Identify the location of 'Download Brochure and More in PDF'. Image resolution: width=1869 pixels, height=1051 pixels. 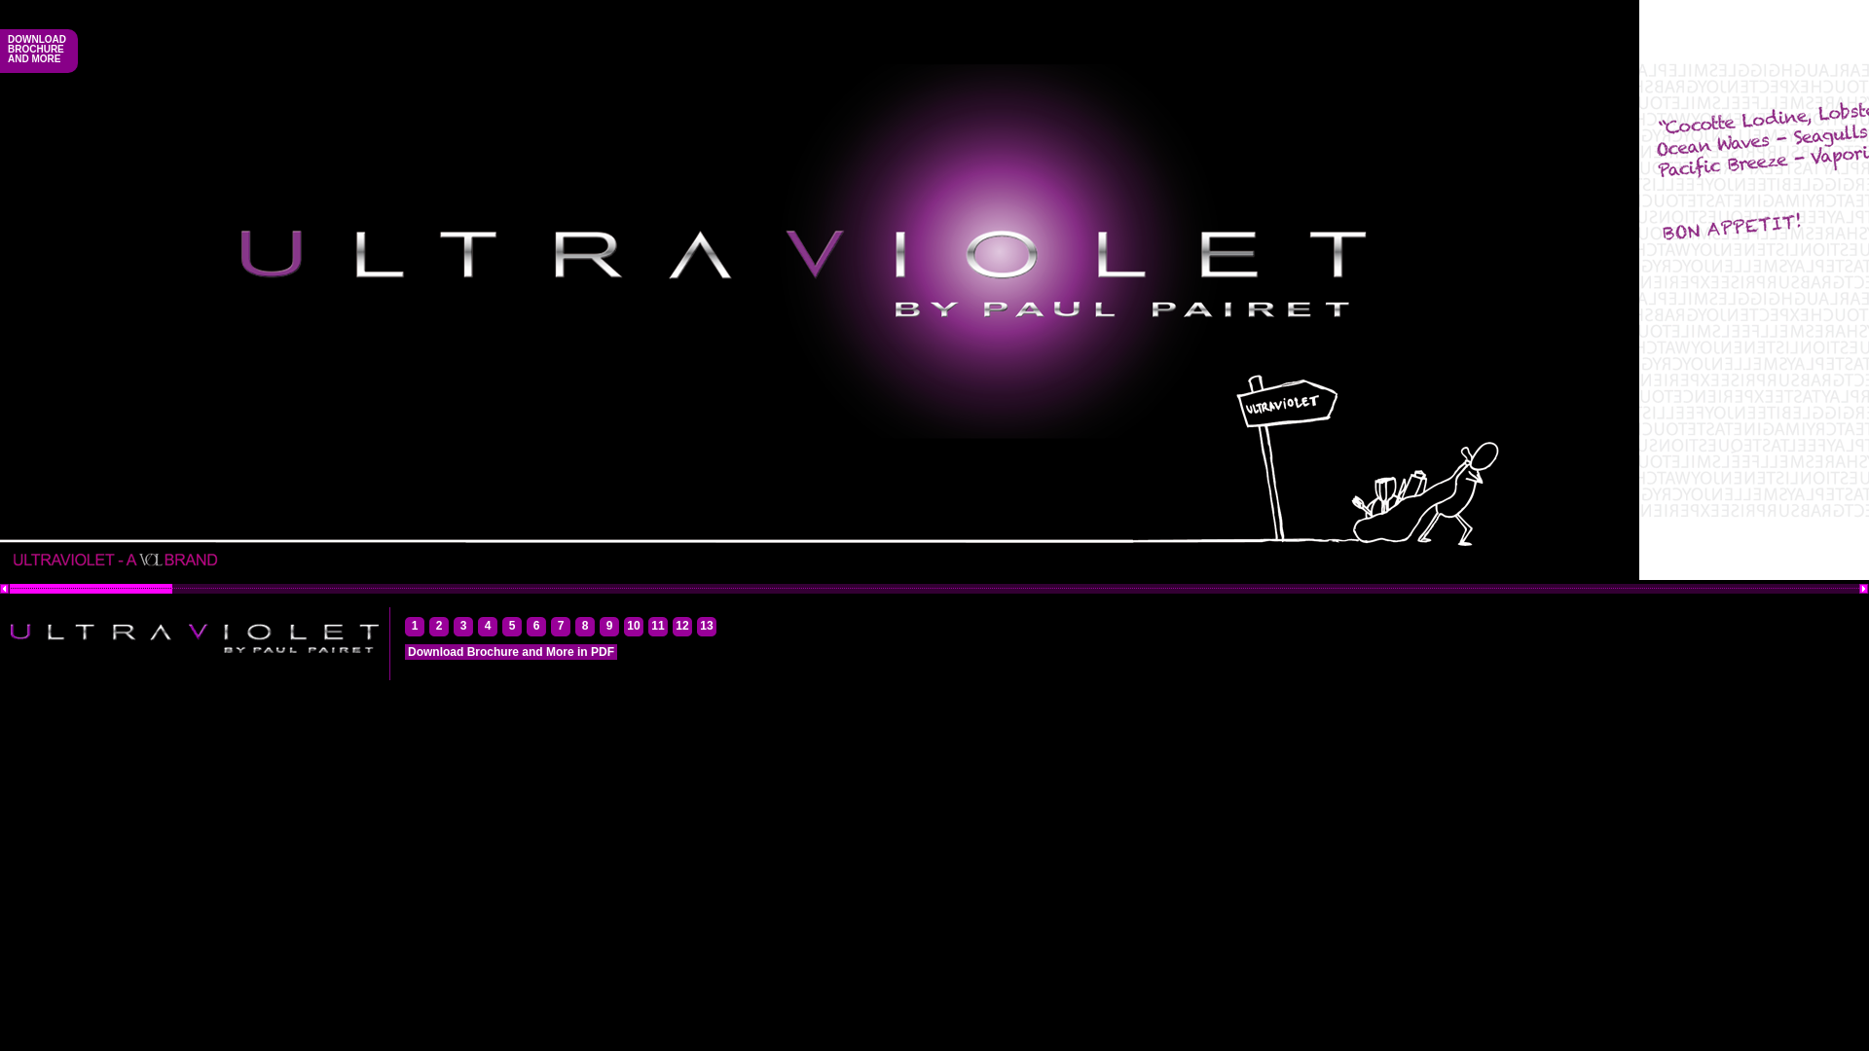
(510, 652).